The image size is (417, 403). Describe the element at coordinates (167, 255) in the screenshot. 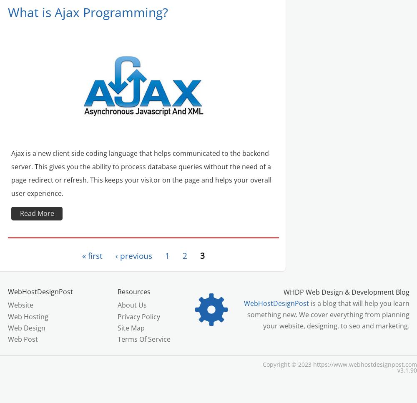

I see `'1'` at that location.